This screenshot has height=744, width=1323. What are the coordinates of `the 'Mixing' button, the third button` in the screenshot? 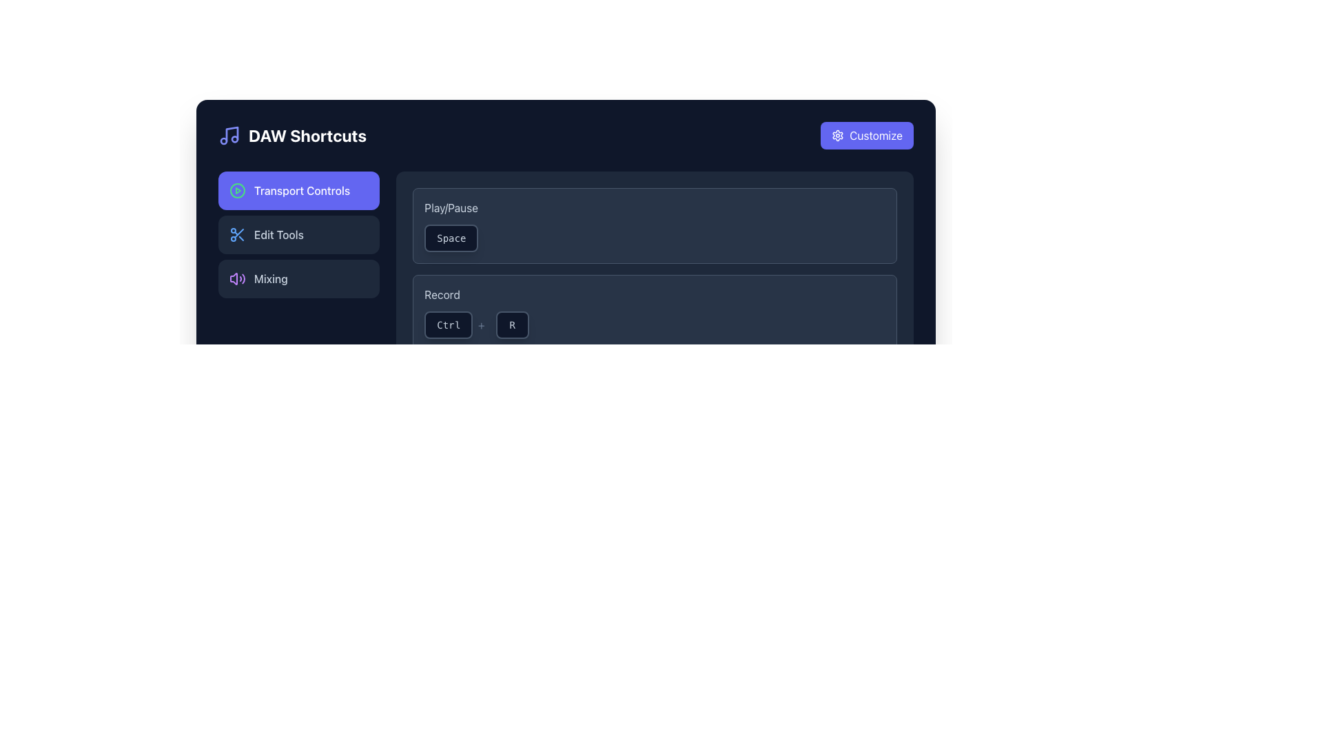 It's located at (298, 279).